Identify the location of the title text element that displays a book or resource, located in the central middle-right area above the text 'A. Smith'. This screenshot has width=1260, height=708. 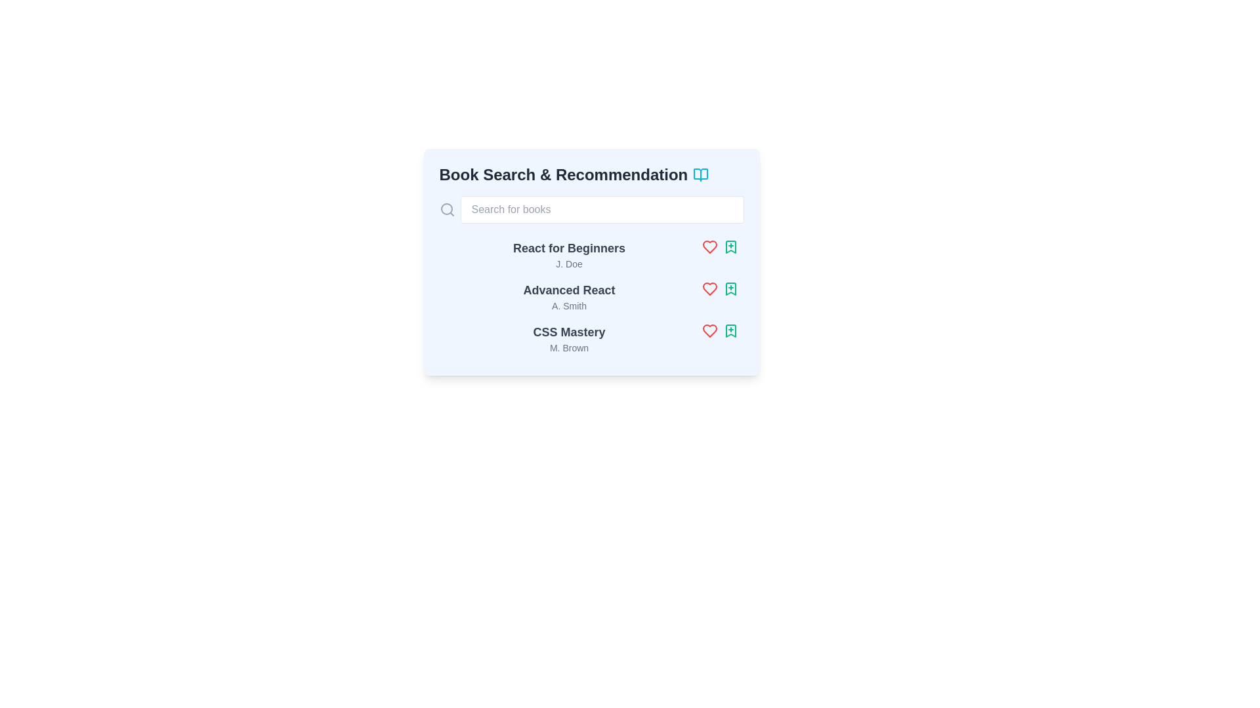
(569, 290).